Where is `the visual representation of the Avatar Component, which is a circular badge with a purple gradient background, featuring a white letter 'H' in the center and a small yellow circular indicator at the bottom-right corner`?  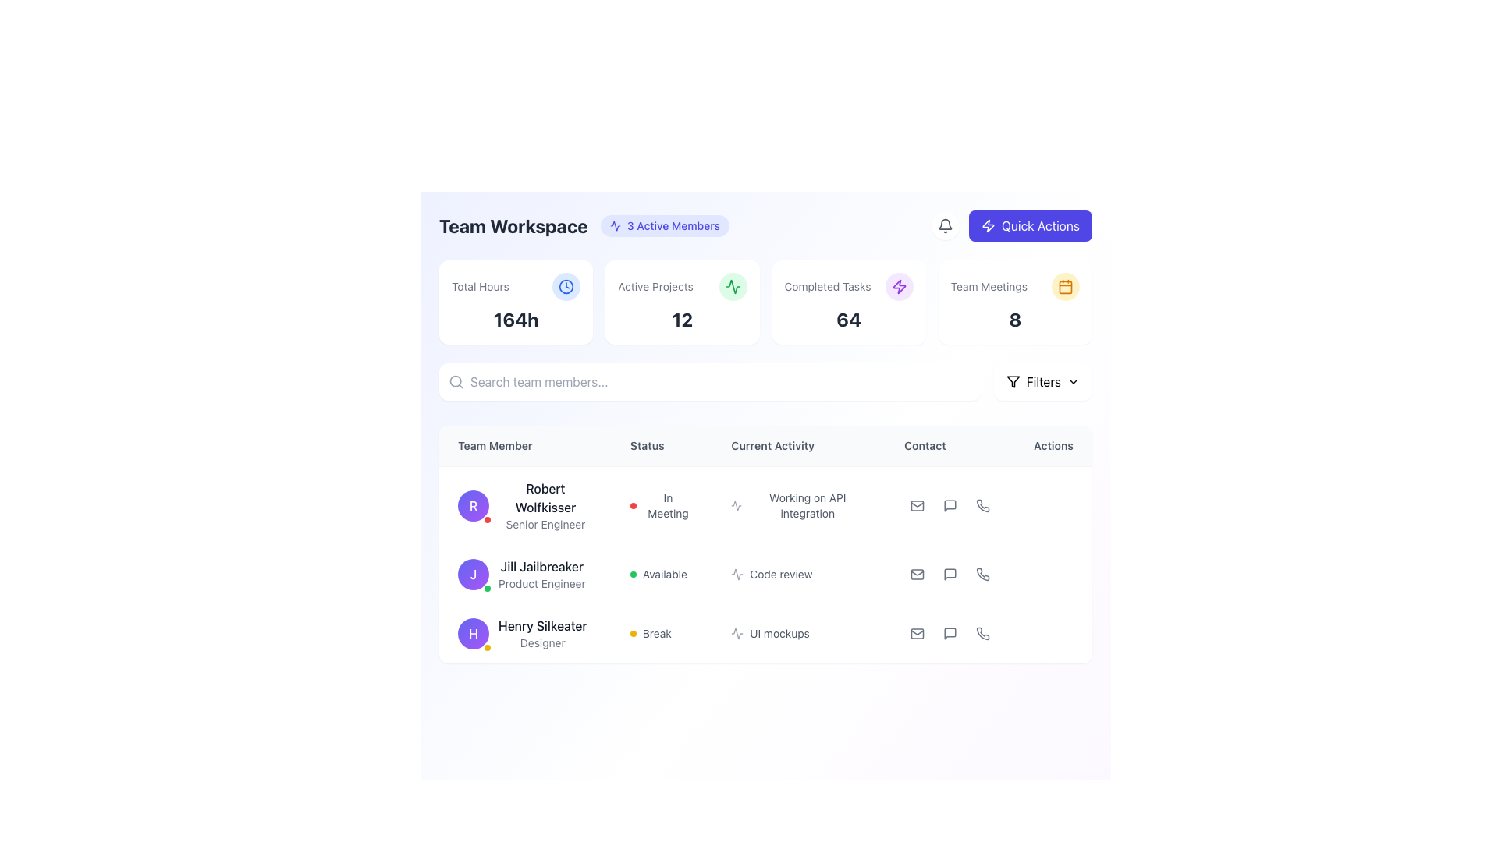
the visual representation of the Avatar Component, which is a circular badge with a purple gradient background, featuring a white letter 'H' in the center and a small yellow circular indicator at the bottom-right corner is located at coordinates (472, 634).